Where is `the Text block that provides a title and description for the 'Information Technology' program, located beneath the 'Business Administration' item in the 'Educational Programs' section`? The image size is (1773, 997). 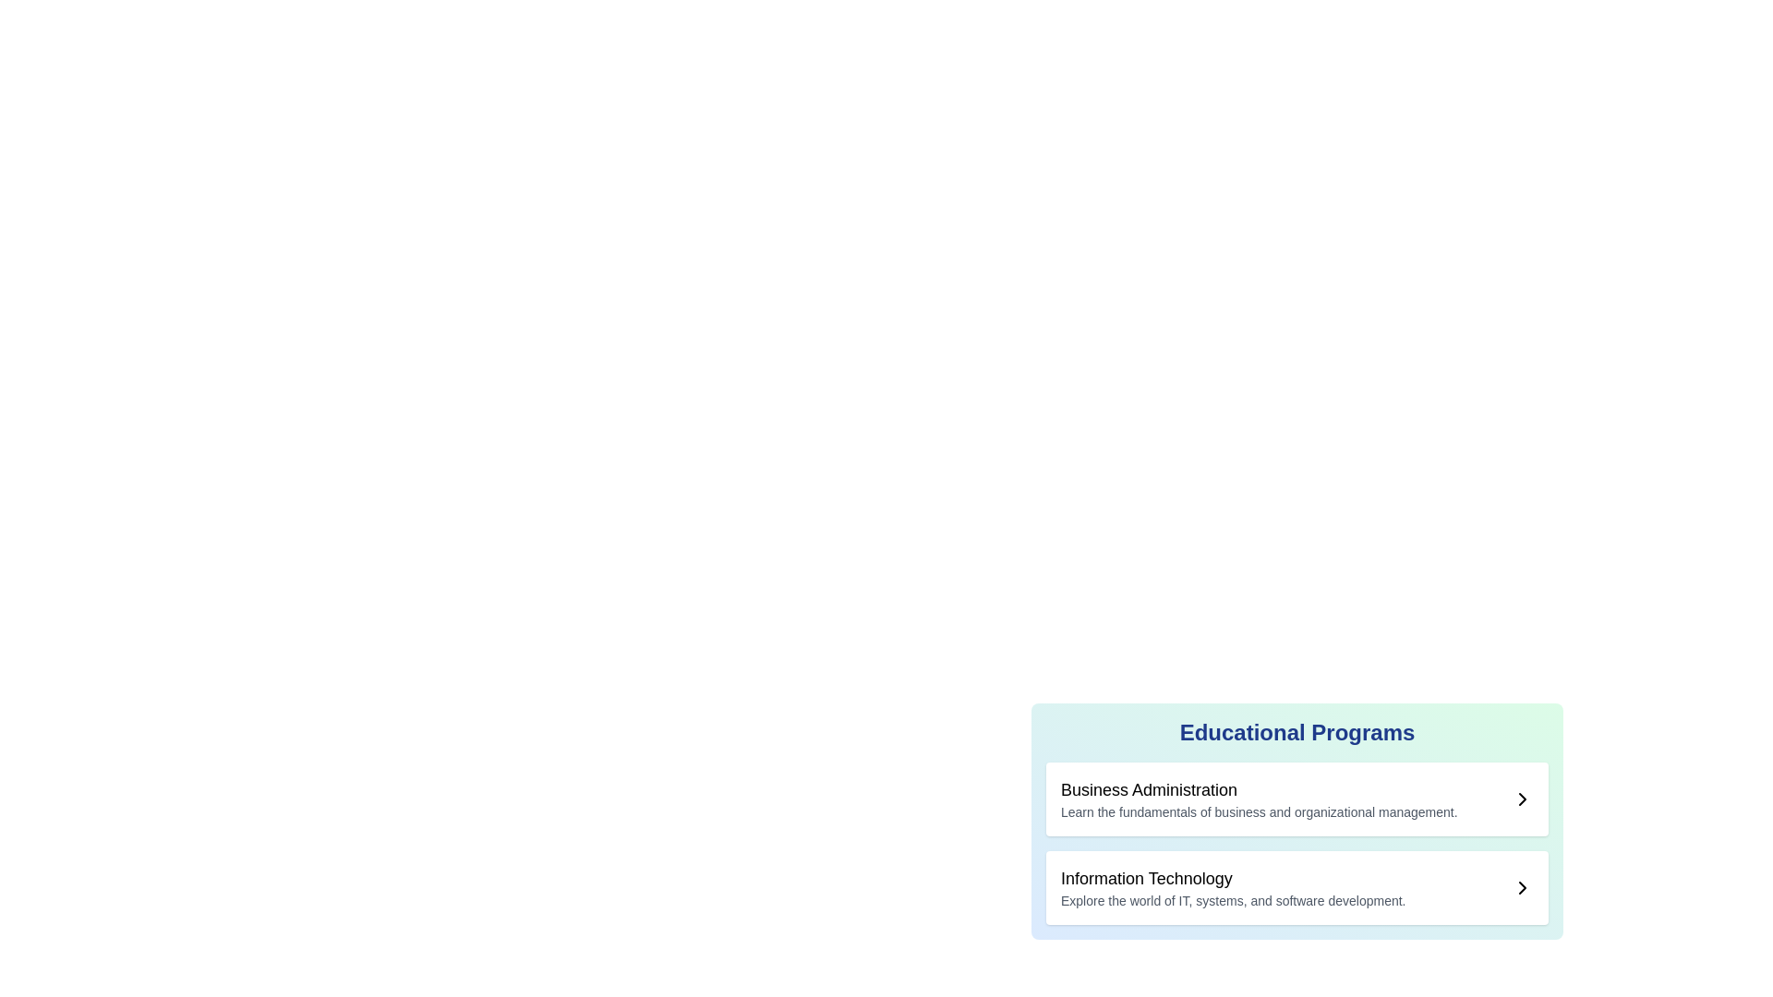 the Text block that provides a title and description for the 'Information Technology' program, located beneath the 'Business Administration' item in the 'Educational Programs' section is located at coordinates (1233, 886).